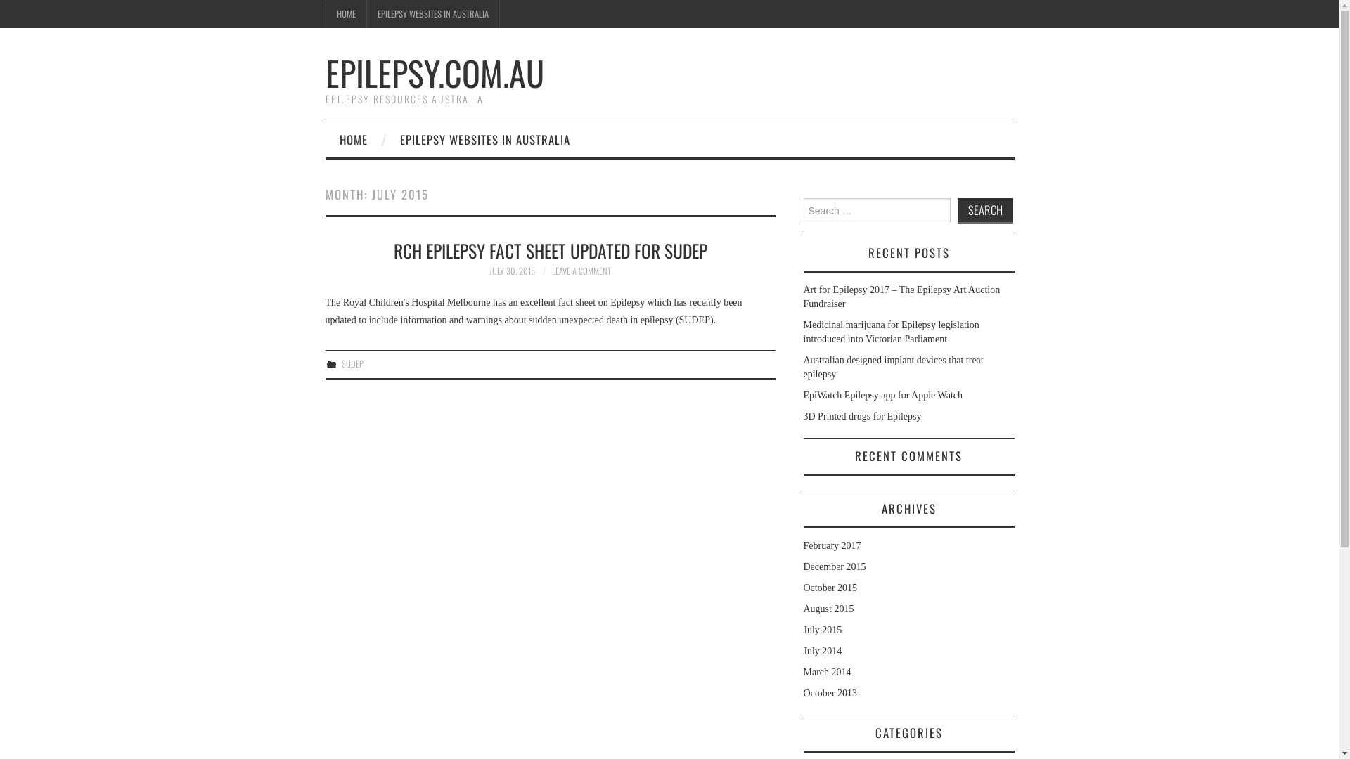 This screenshot has height=759, width=1350. I want to click on 'August 2015', so click(828, 608).